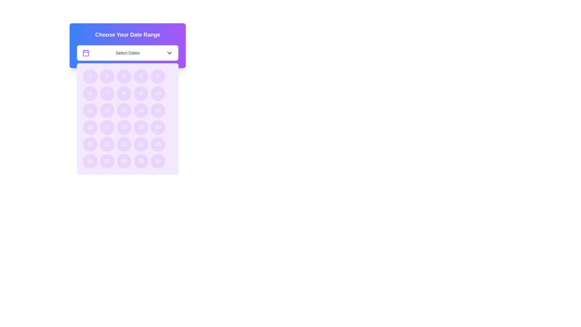 Image resolution: width=581 pixels, height=327 pixels. I want to click on the text label 'Choose Your Date Range', which is a large, bold white heading on a vibrant gradient background, positioned at the top of the date picker interface, so click(127, 35).